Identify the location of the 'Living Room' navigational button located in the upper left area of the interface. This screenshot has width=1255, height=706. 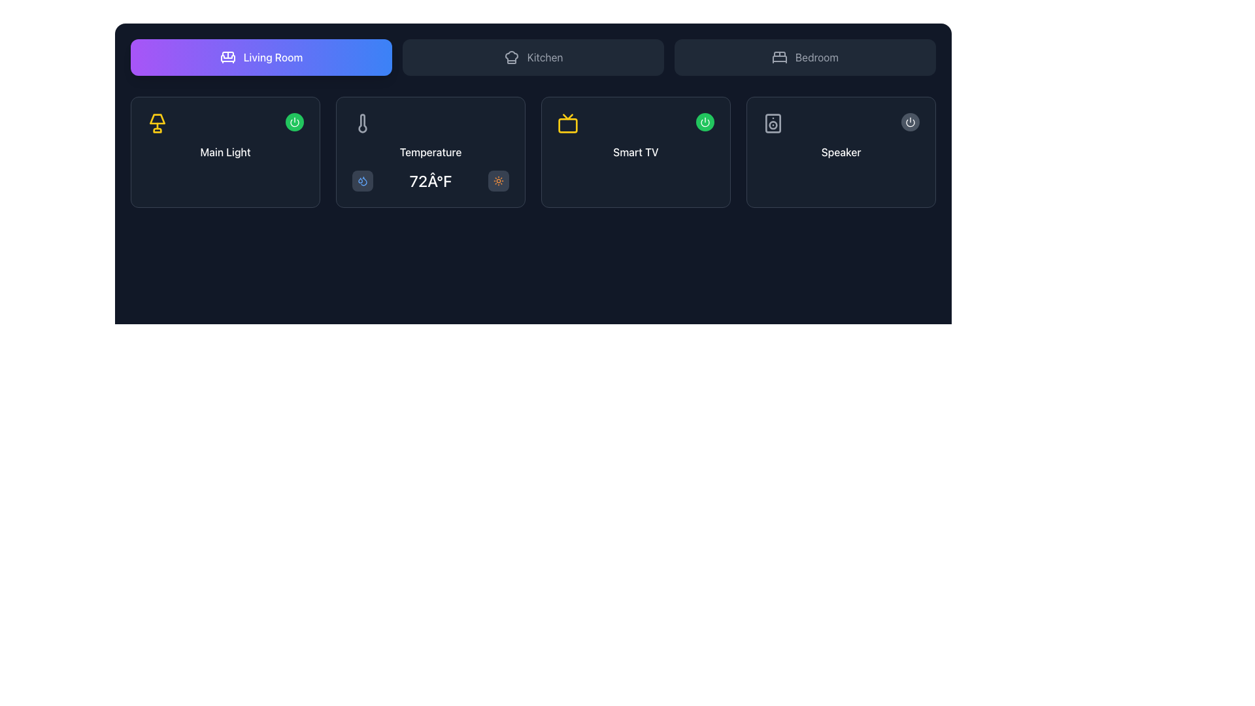
(261, 57).